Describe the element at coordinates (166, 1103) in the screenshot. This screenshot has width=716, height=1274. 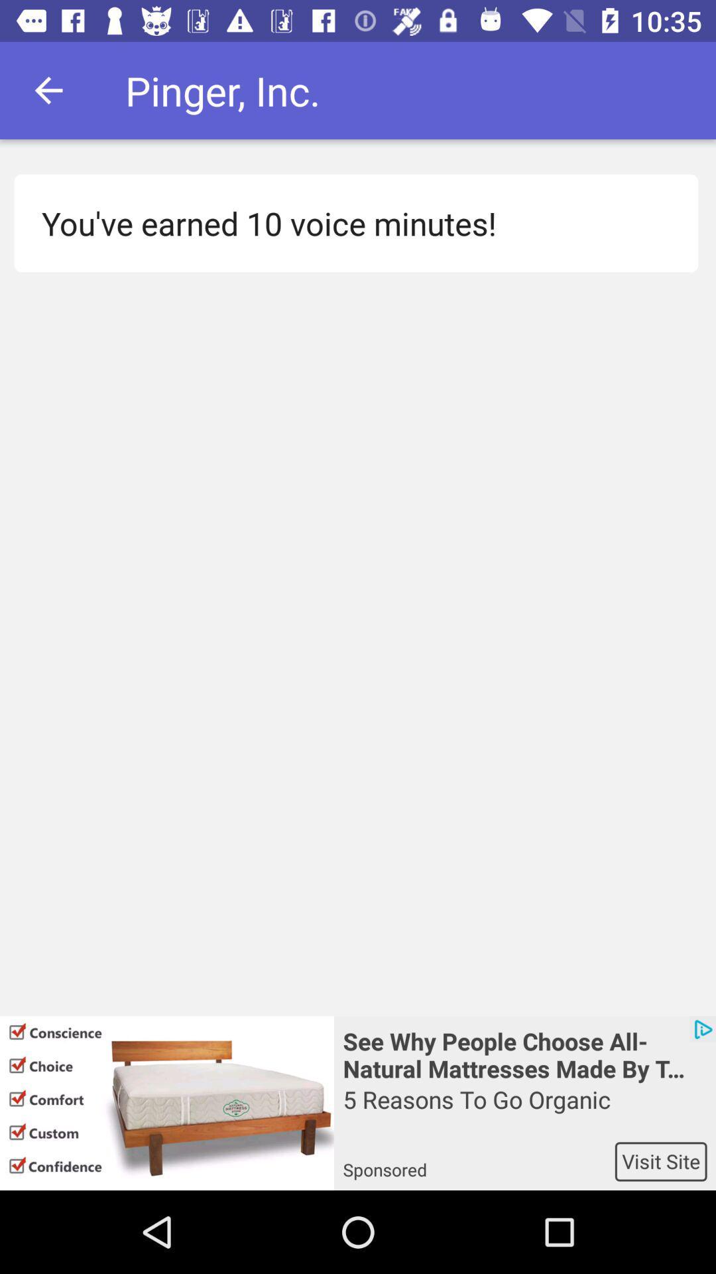
I see `the icon at the bottom left corner` at that location.